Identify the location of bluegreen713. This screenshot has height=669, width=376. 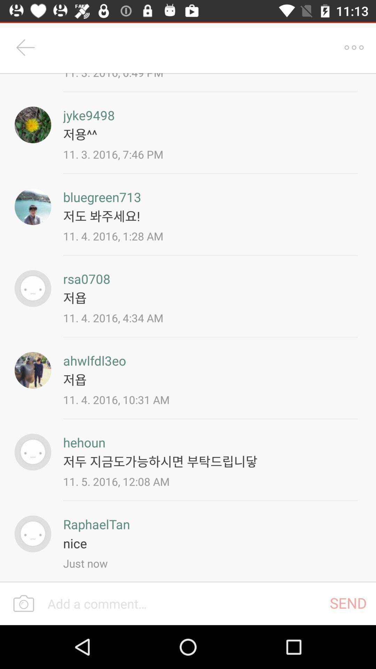
(33, 206).